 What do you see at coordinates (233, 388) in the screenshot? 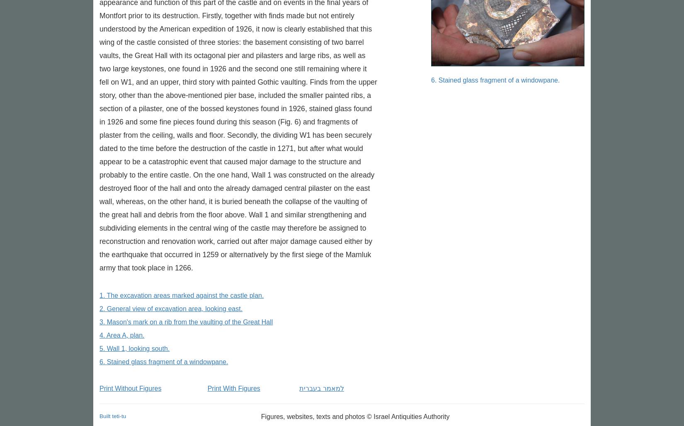
I see `'Print With Figures'` at bounding box center [233, 388].